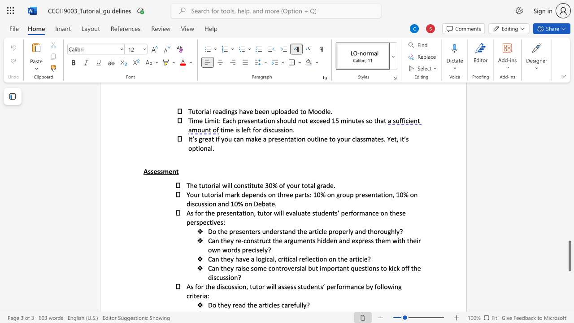 The width and height of the screenshot is (574, 323). I want to click on the scrollbar on the right, so click(569, 107).